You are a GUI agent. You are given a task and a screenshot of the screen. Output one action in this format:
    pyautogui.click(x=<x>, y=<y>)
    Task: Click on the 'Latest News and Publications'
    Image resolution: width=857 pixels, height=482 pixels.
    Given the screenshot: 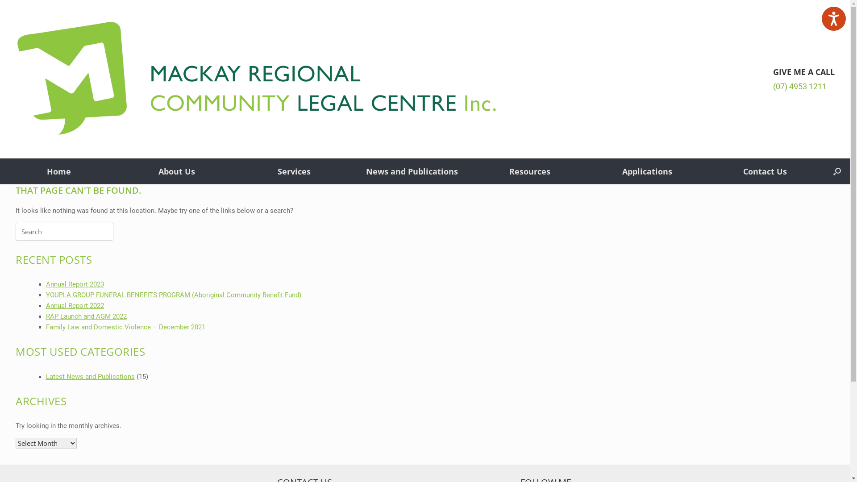 What is the action you would take?
    pyautogui.click(x=45, y=377)
    